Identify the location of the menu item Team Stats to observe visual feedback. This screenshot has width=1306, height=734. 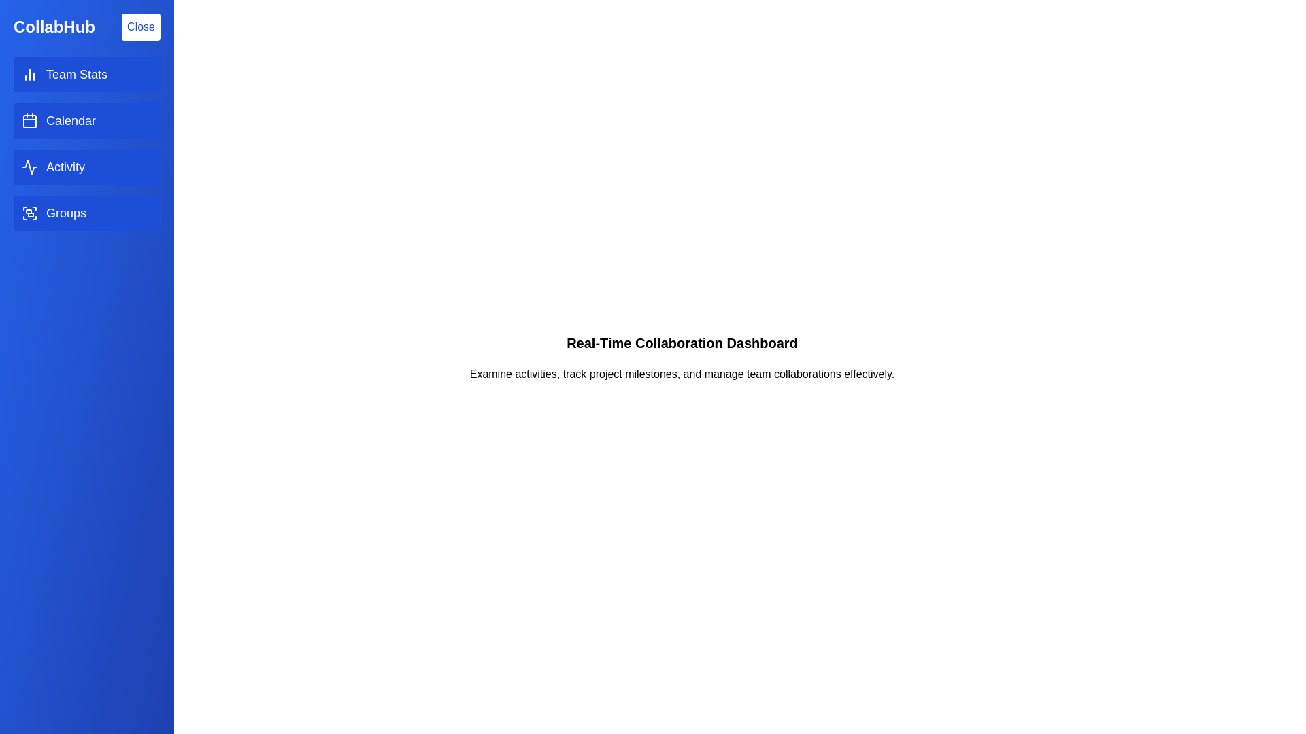
(86, 75).